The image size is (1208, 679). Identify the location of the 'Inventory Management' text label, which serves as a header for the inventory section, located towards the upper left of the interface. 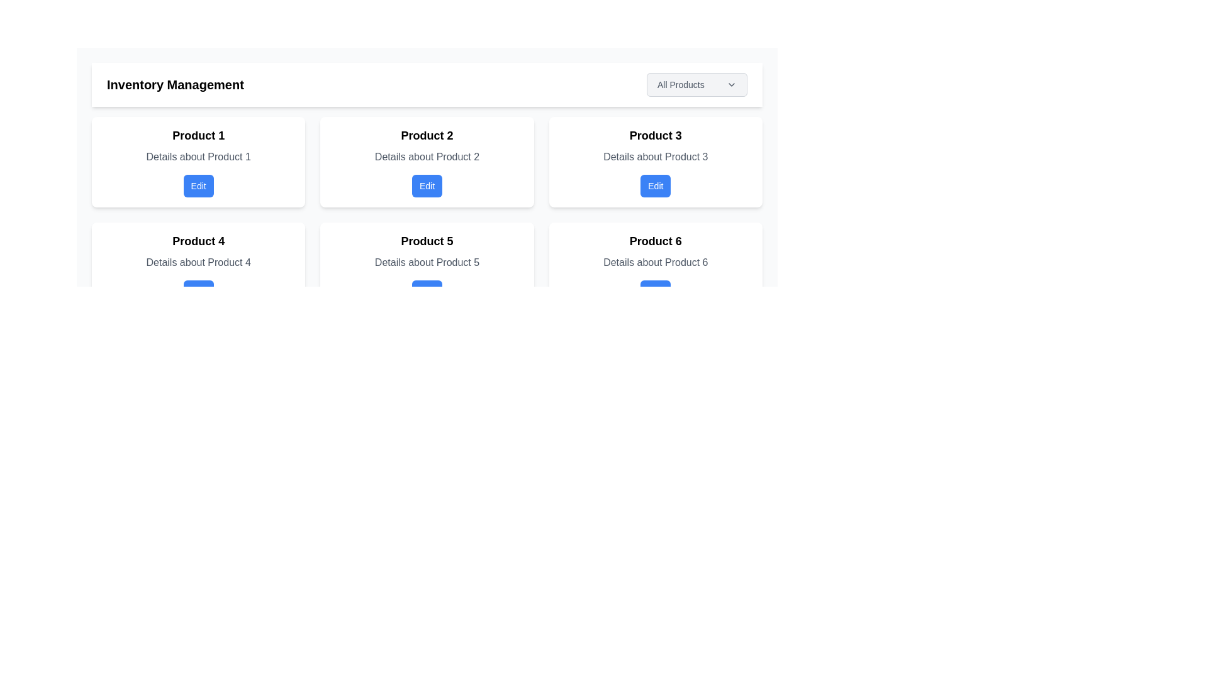
(174, 85).